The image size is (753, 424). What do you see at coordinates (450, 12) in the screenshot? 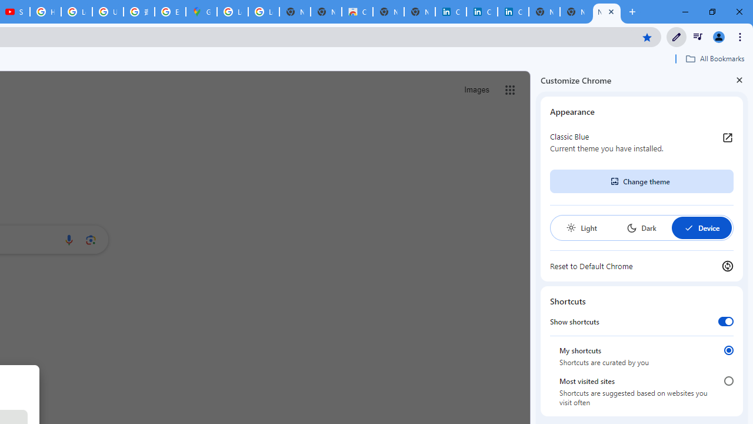
I see `'Cookie Policy | LinkedIn'` at bounding box center [450, 12].